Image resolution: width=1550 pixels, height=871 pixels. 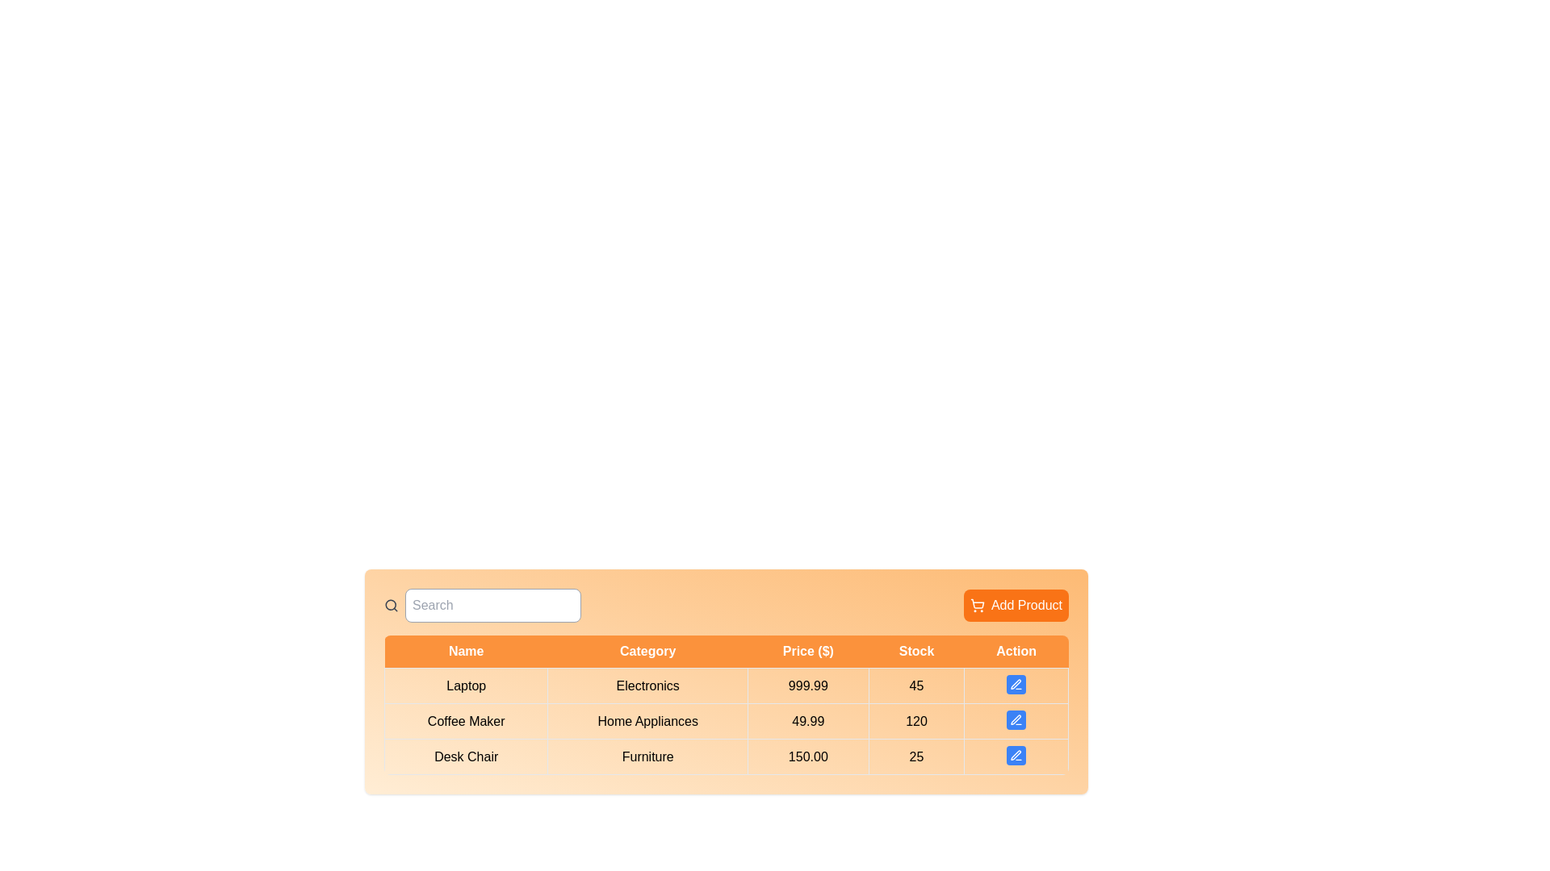 What do you see at coordinates (808, 651) in the screenshot?
I see `the 'Price' column header element, which is centered in the table header row and positioned between 'Category' and 'Stock'` at bounding box center [808, 651].